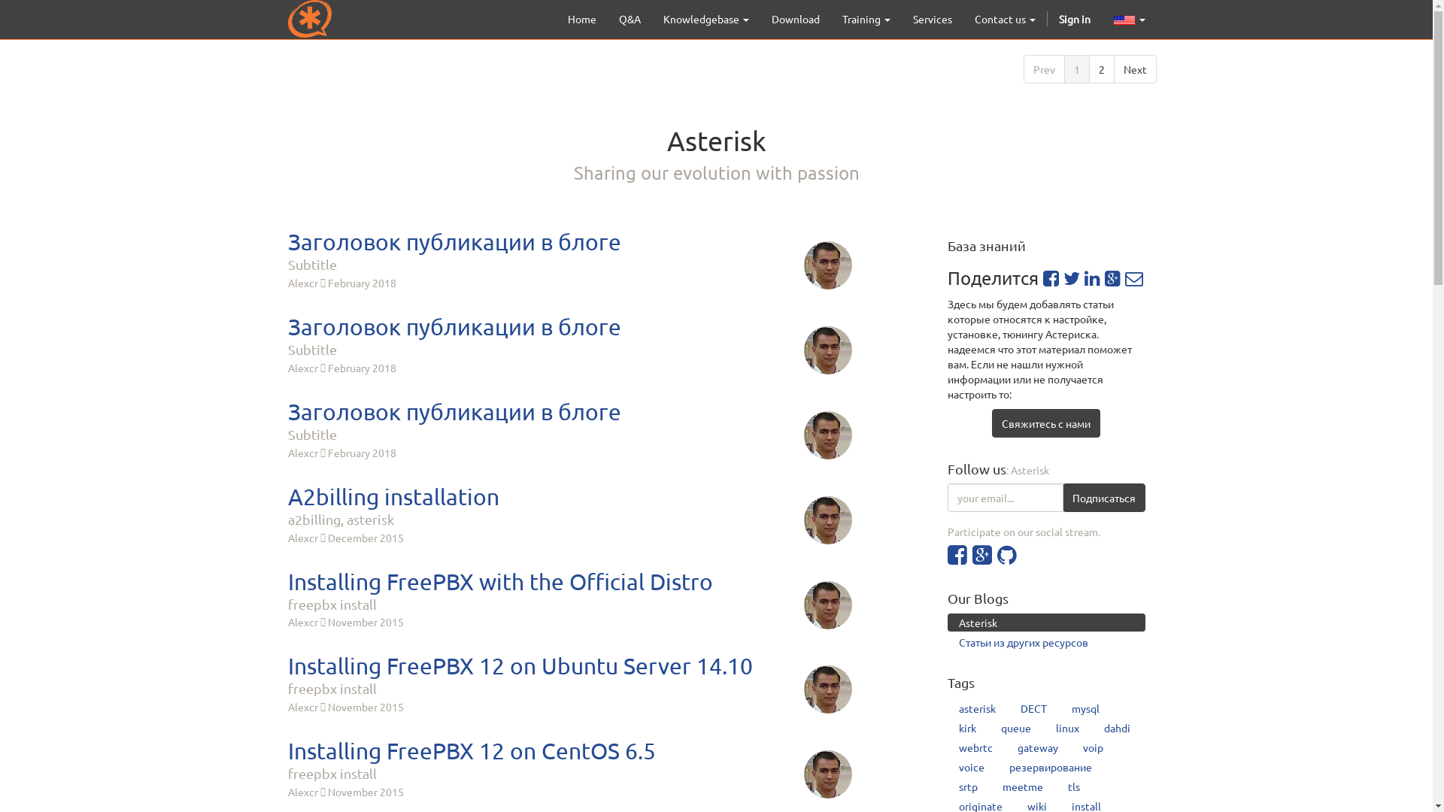 This screenshot has height=812, width=1444. What do you see at coordinates (1037, 747) in the screenshot?
I see `'gateway'` at bounding box center [1037, 747].